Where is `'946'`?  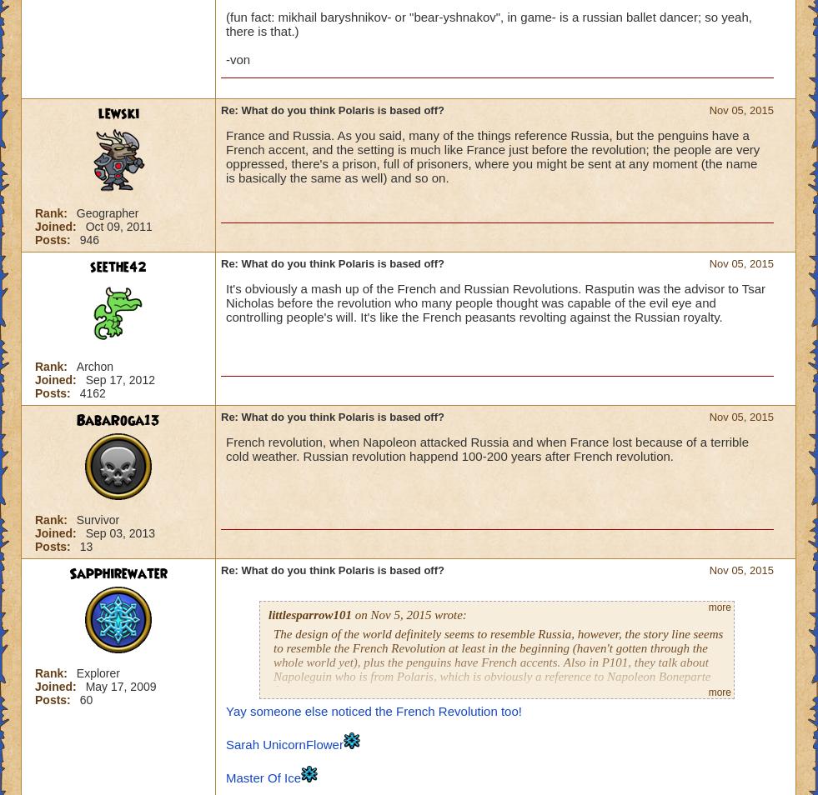
'946' is located at coordinates (88, 240).